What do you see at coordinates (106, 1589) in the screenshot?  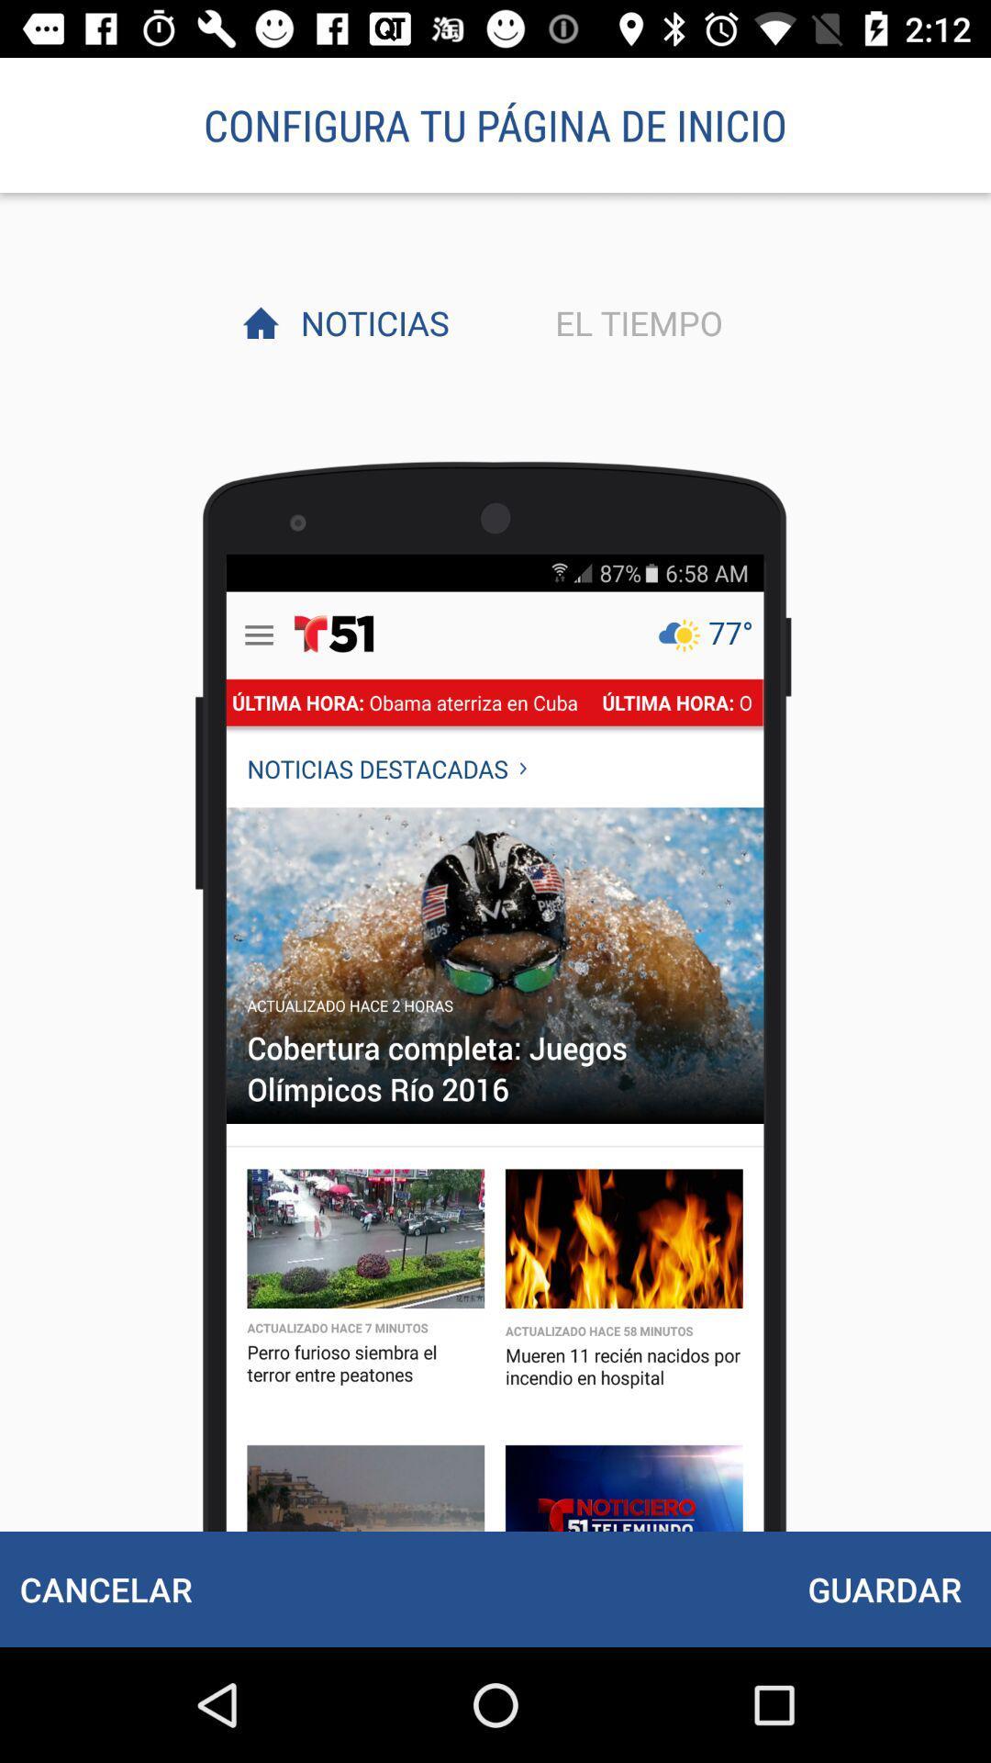 I see `cancelar icon` at bounding box center [106, 1589].